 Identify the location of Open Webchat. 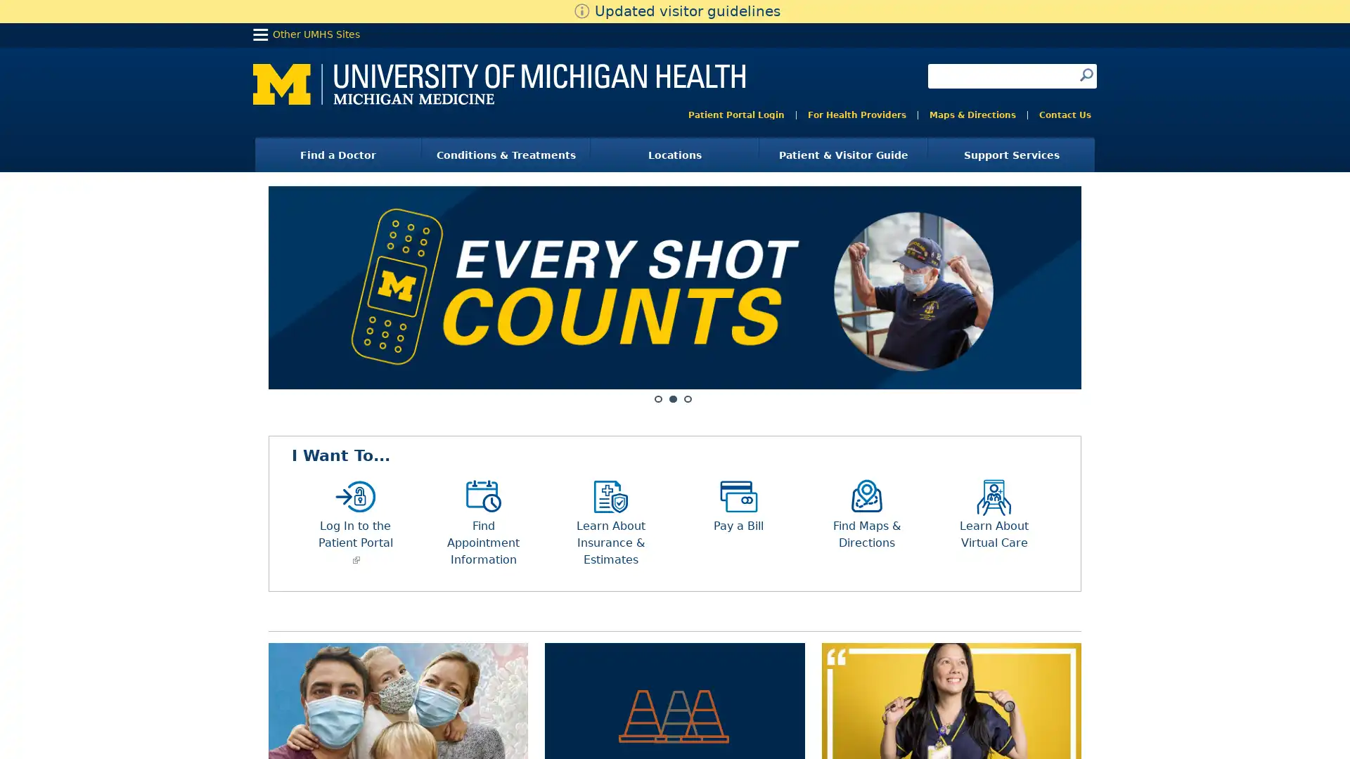
(31, 724).